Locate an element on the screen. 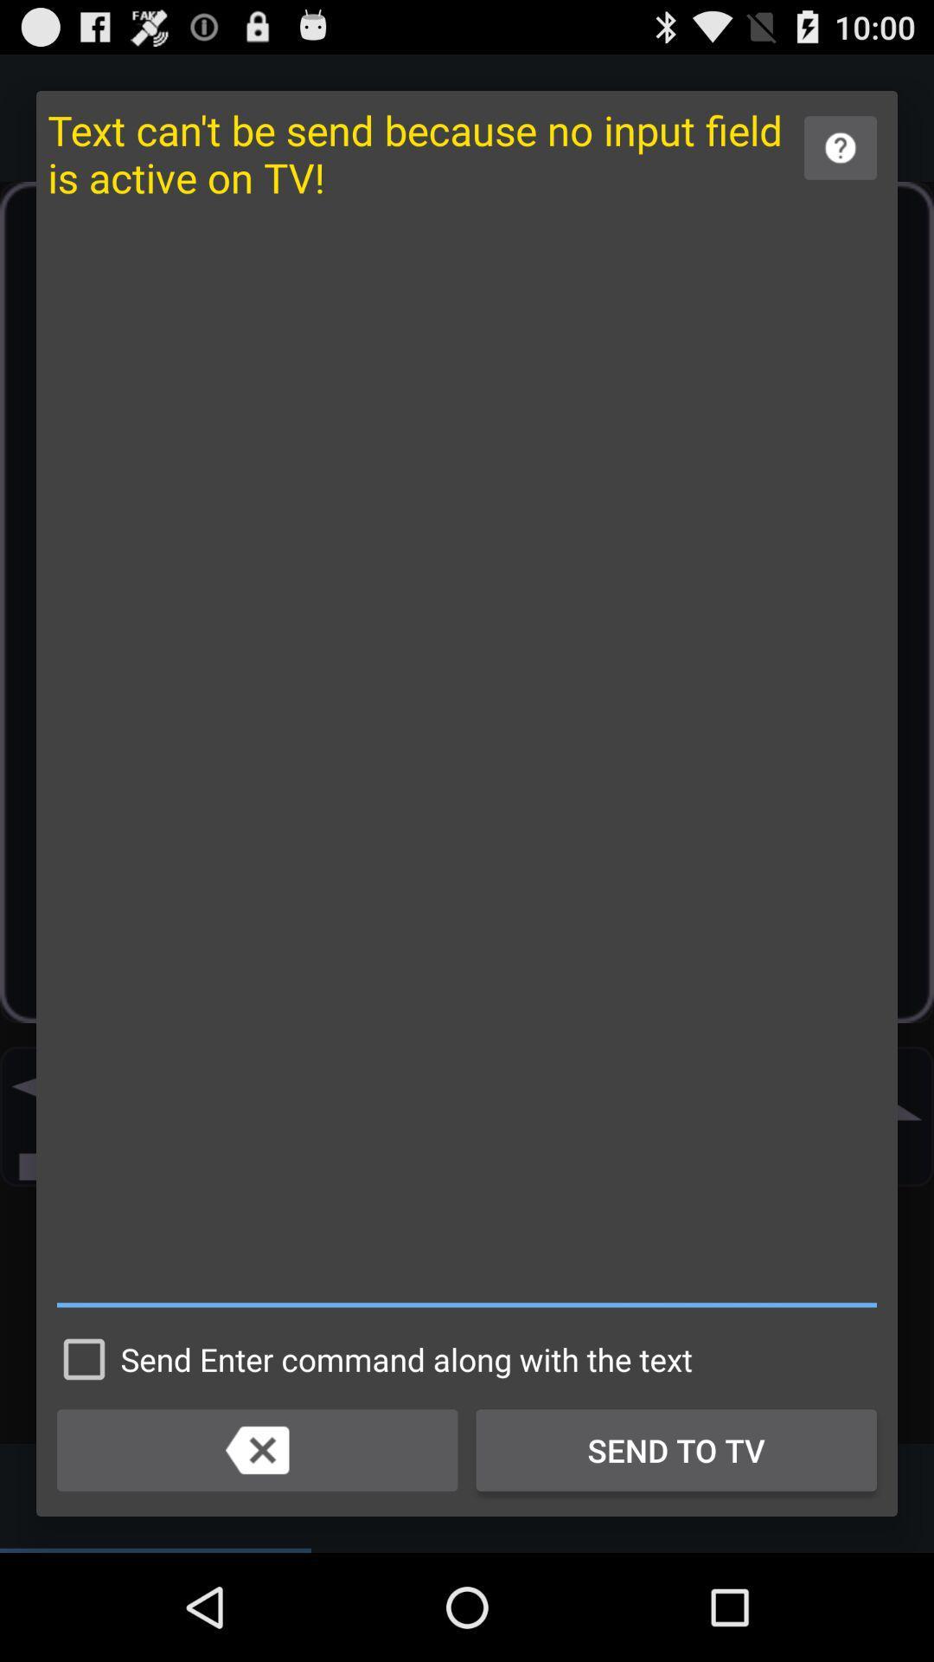 This screenshot has height=1662, width=934. previous is located at coordinates (257, 1450).